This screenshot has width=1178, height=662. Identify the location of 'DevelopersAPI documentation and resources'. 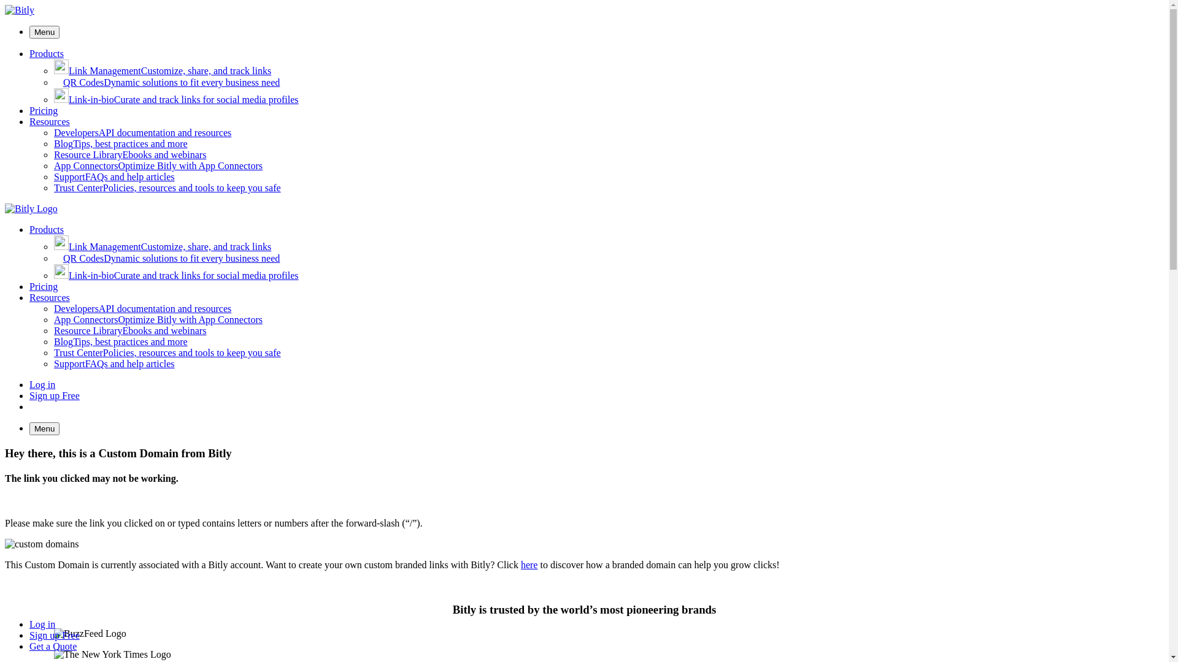
(142, 308).